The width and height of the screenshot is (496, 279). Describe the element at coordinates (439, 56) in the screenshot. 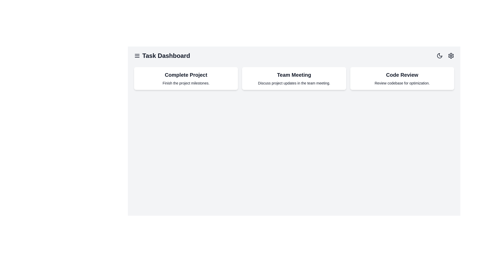

I see `the moon icon in line art style located in the top-right corner of the interface` at that location.